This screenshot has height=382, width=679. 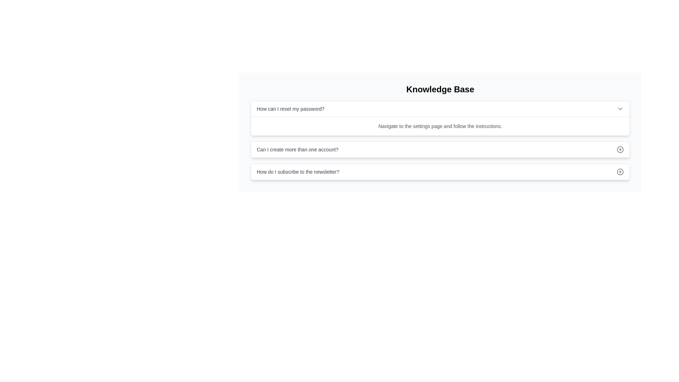 What do you see at coordinates (440, 126) in the screenshot?
I see `instructional text block located below the question header 'How can I reset my password?' in the knowledge base section` at bounding box center [440, 126].